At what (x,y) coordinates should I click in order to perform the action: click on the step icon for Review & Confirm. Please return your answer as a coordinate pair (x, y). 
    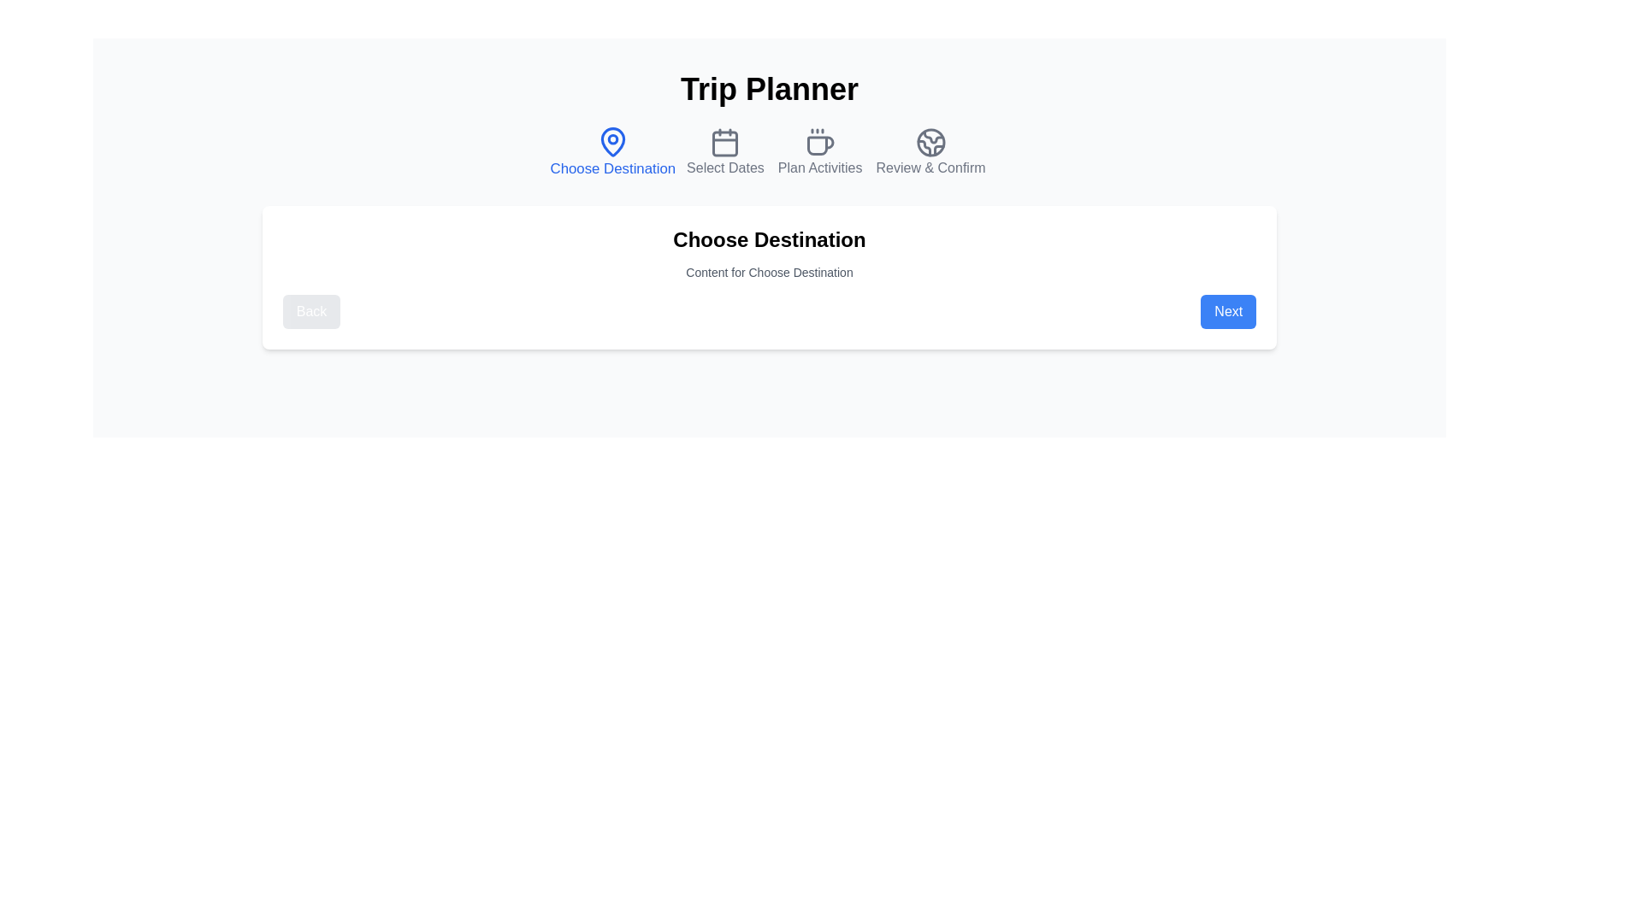
    Looking at the image, I should click on (930, 151).